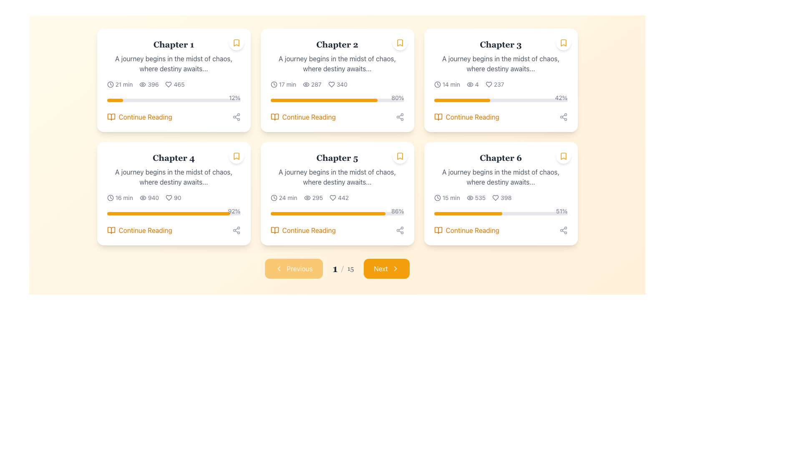  Describe the element at coordinates (562, 210) in the screenshot. I see `the text label displaying '51%' located at the top-right of the 'Chapter 6' card's progress bar section` at that location.